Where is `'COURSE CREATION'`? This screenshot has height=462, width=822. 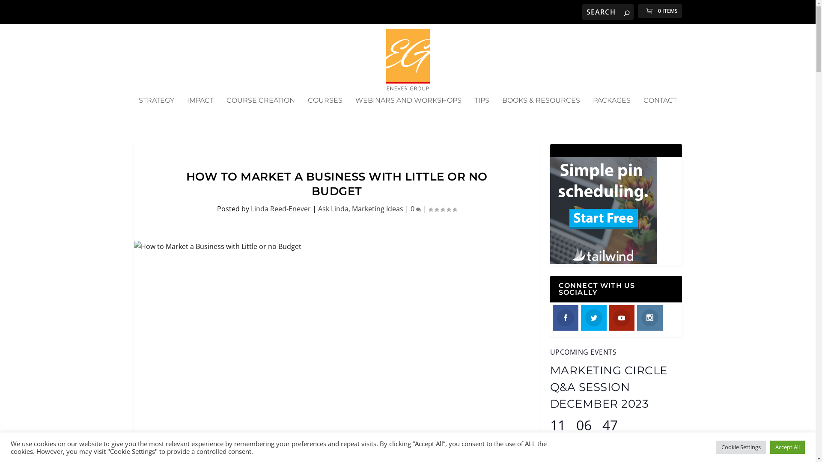 'COURSE CREATION' is located at coordinates (260, 112).